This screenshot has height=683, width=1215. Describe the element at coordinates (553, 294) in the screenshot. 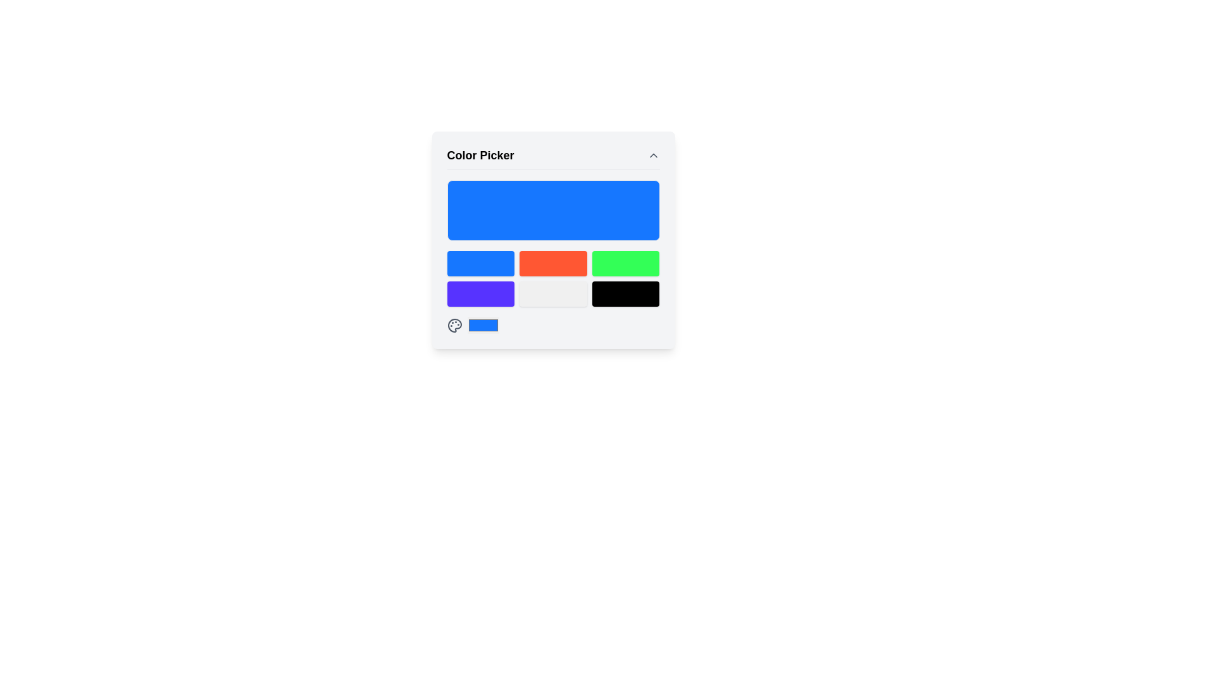

I see `the second button in the second row of the Color Picker grid` at that location.